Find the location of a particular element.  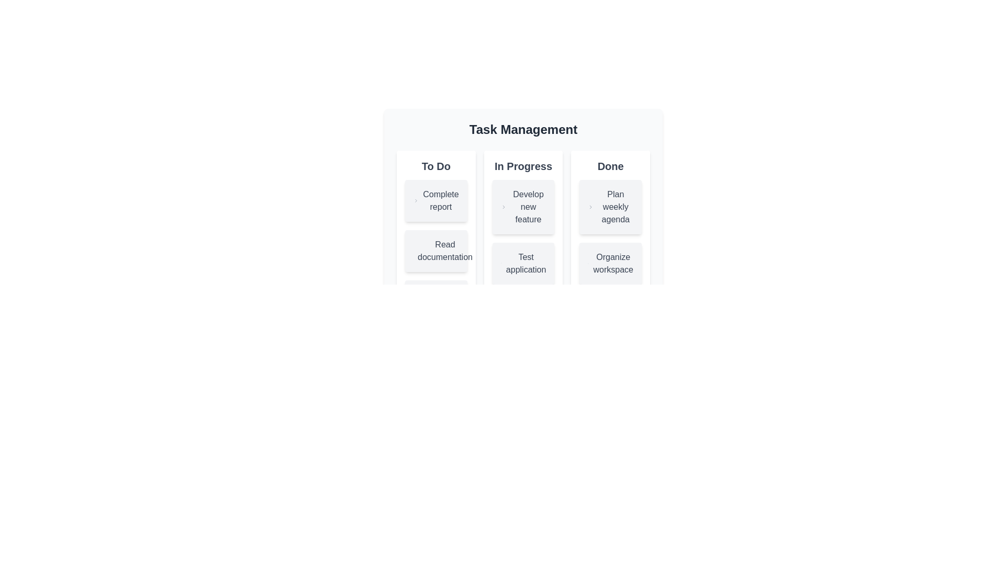

the text label displaying 'Read documentation' in the second task card of the 'To Do' section is located at coordinates (445, 251).